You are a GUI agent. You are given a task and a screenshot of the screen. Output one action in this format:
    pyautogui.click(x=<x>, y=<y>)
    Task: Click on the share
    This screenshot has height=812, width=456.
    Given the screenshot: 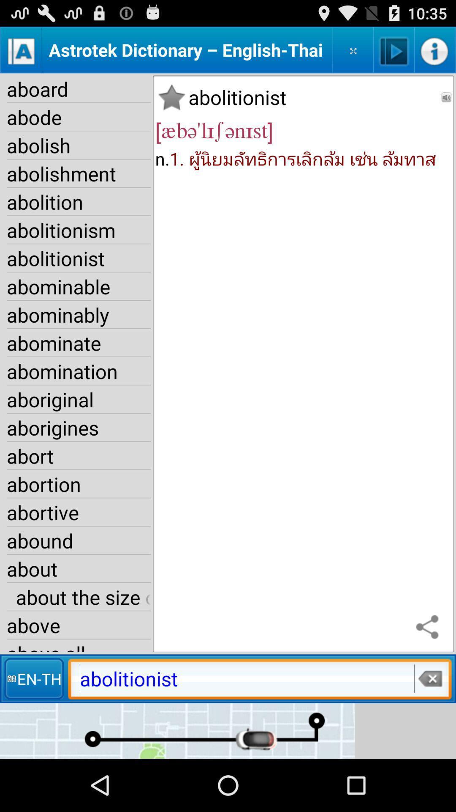 What is the action you would take?
    pyautogui.click(x=429, y=628)
    